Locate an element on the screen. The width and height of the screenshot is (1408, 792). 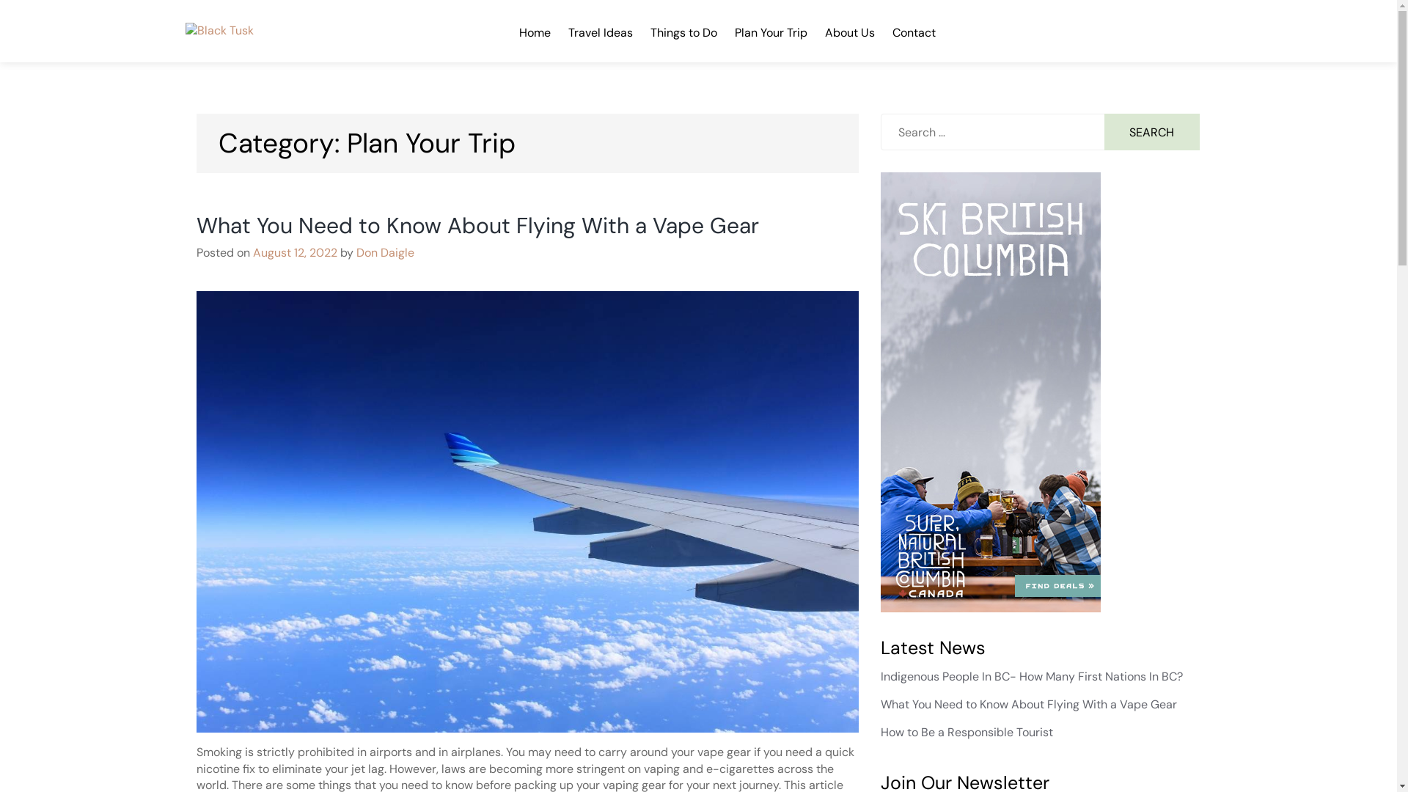
'Home' is located at coordinates (534, 31).